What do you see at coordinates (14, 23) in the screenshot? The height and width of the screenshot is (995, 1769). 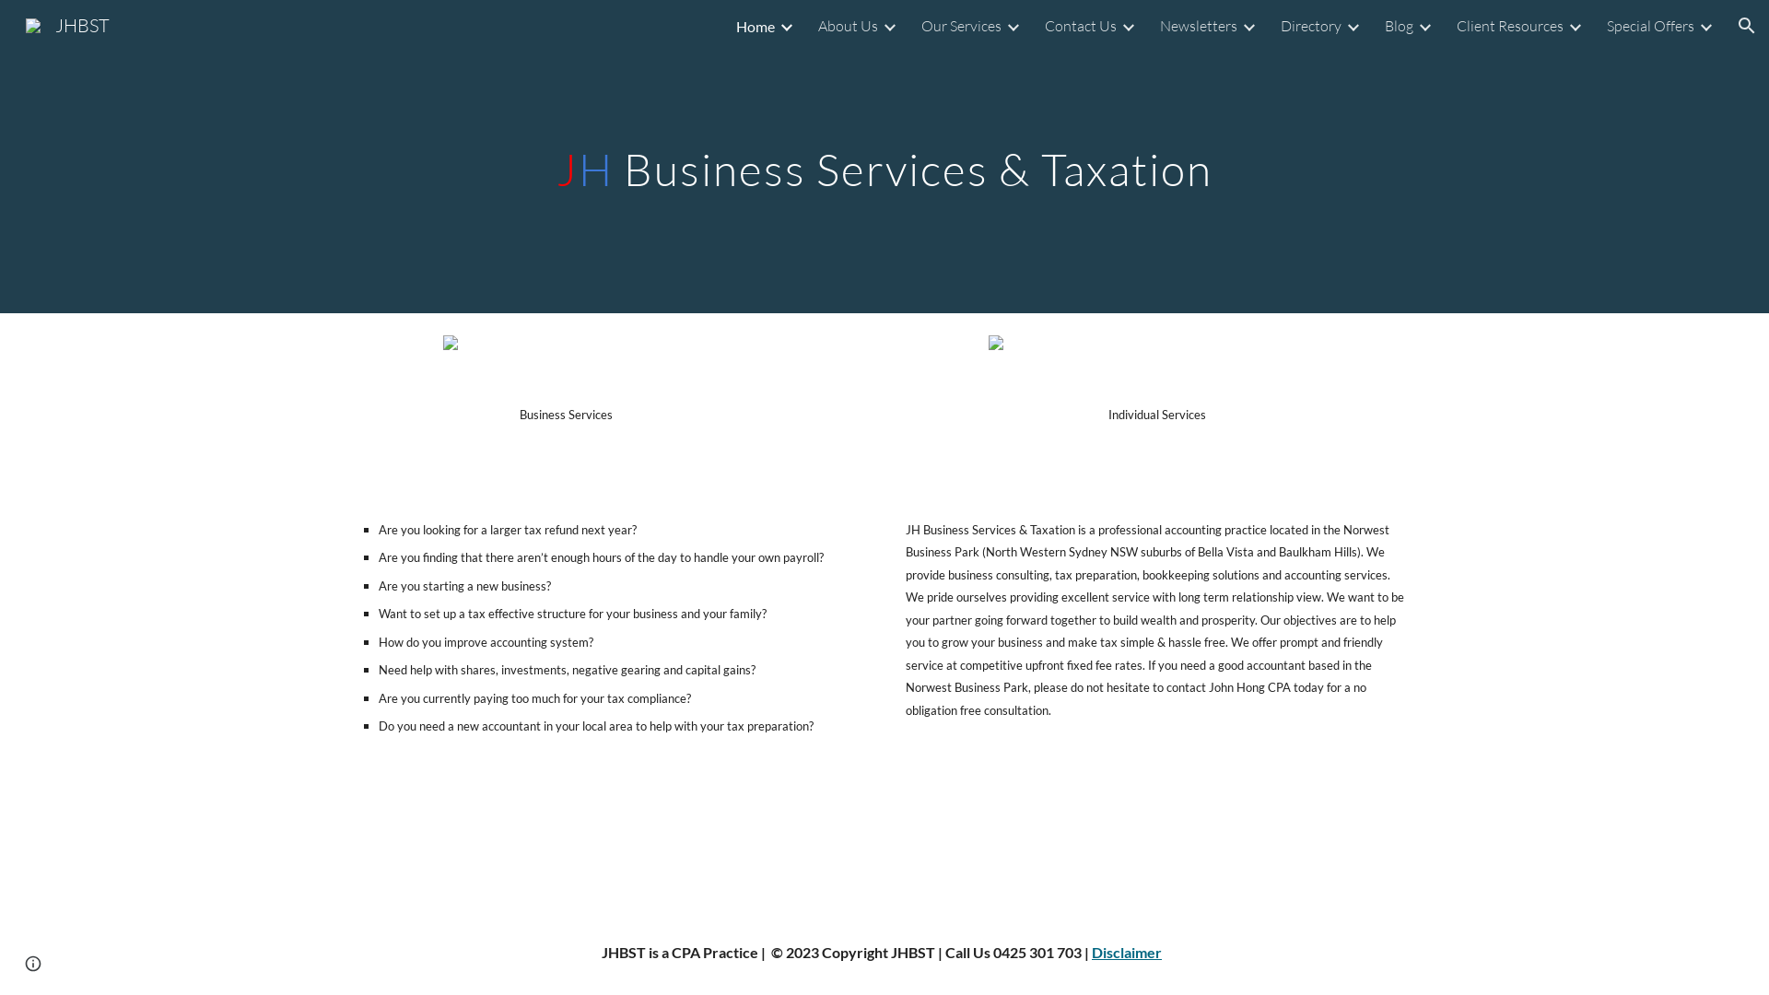 I see `'JHBST'` at bounding box center [14, 23].